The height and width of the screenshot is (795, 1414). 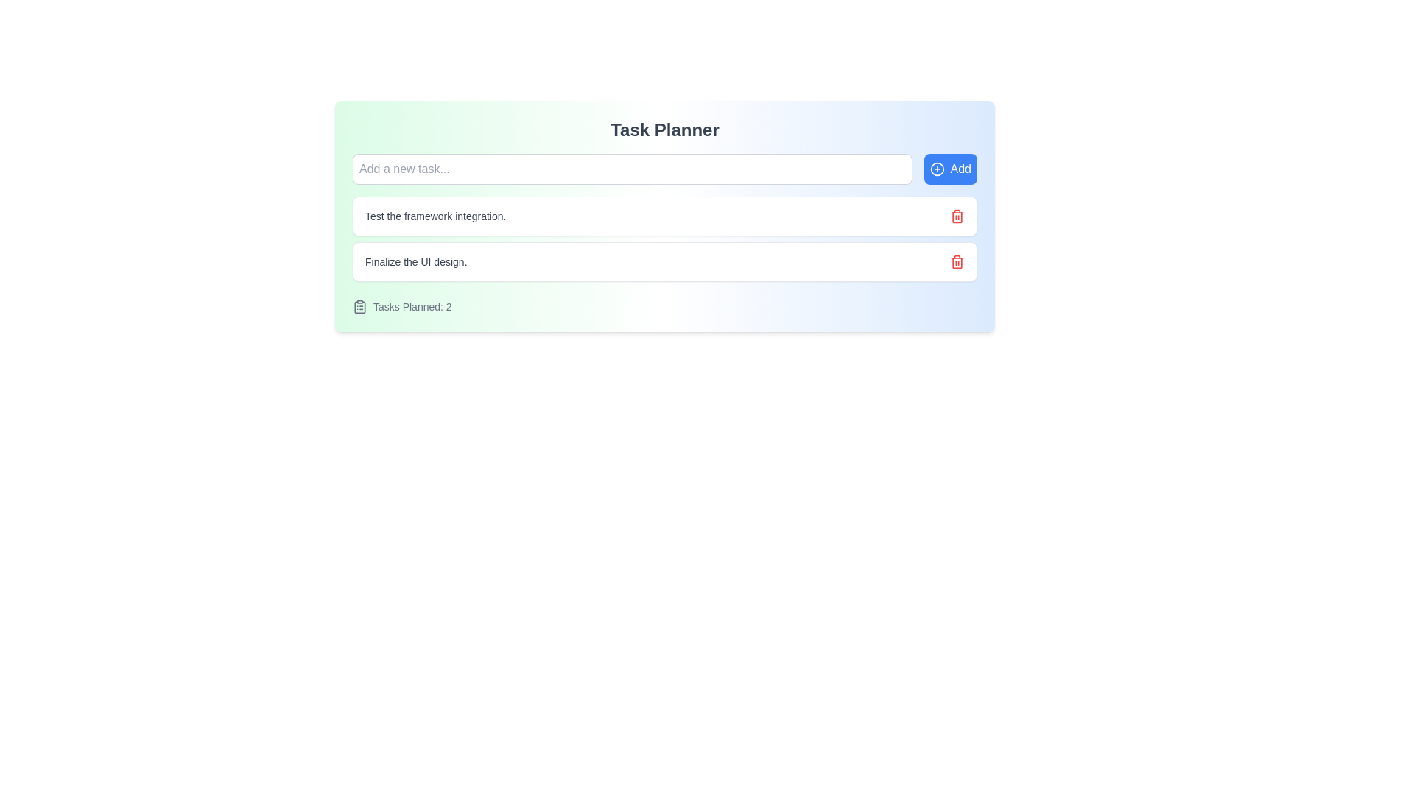 I want to click on the red trash icon located at the far right of the task entry labeled 'Finalize the UI design.', so click(x=957, y=261).